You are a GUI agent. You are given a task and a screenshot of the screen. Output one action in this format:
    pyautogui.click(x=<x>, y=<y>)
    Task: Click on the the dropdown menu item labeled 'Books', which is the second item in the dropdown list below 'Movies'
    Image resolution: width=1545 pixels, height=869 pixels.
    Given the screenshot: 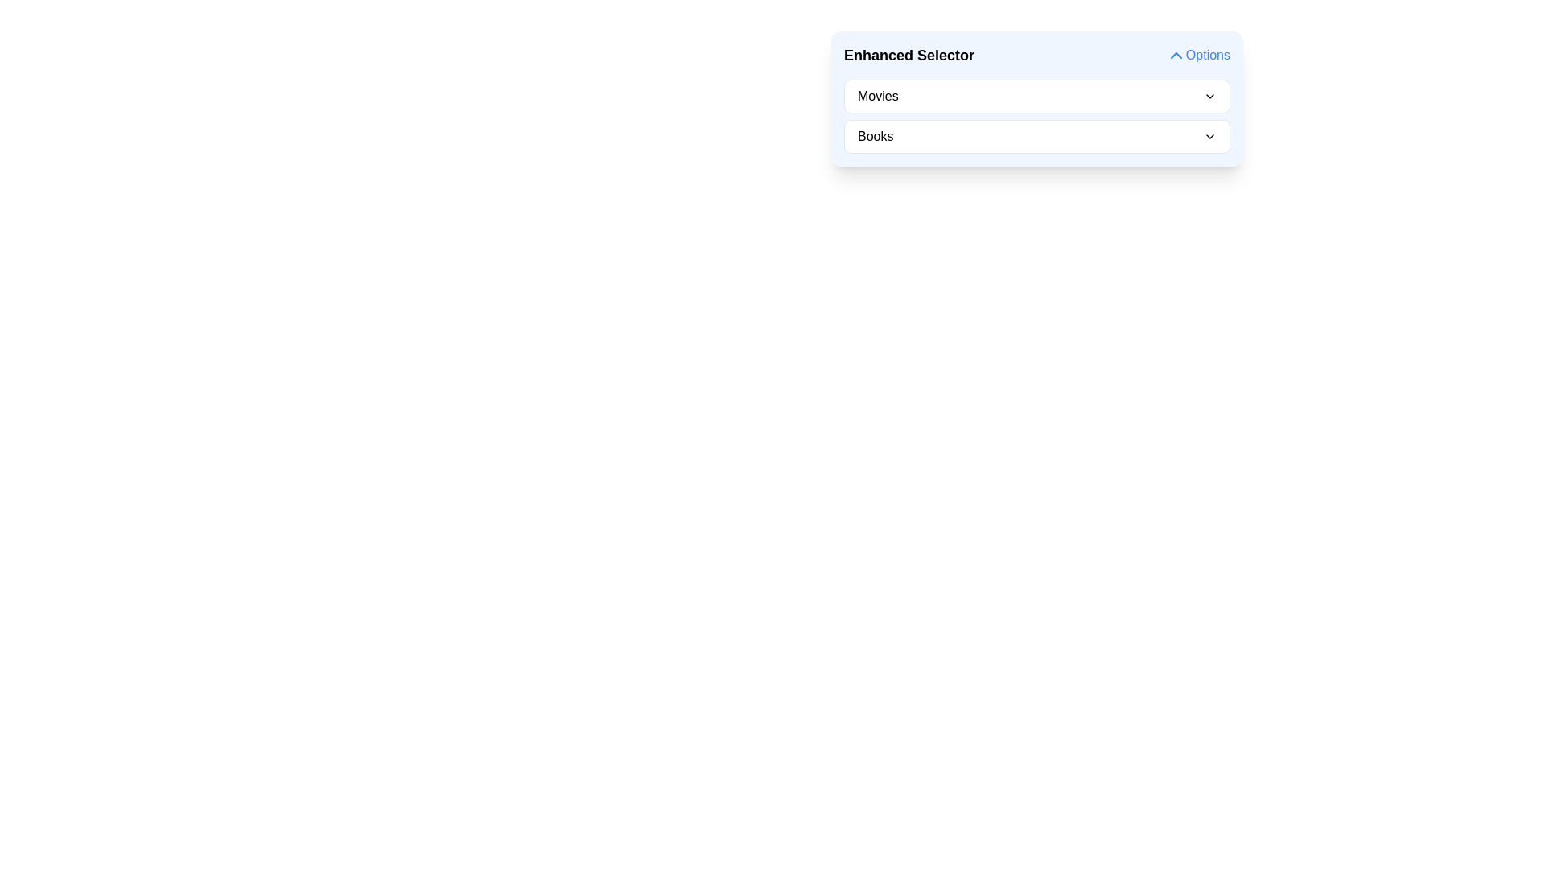 What is the action you would take?
    pyautogui.click(x=1037, y=135)
    